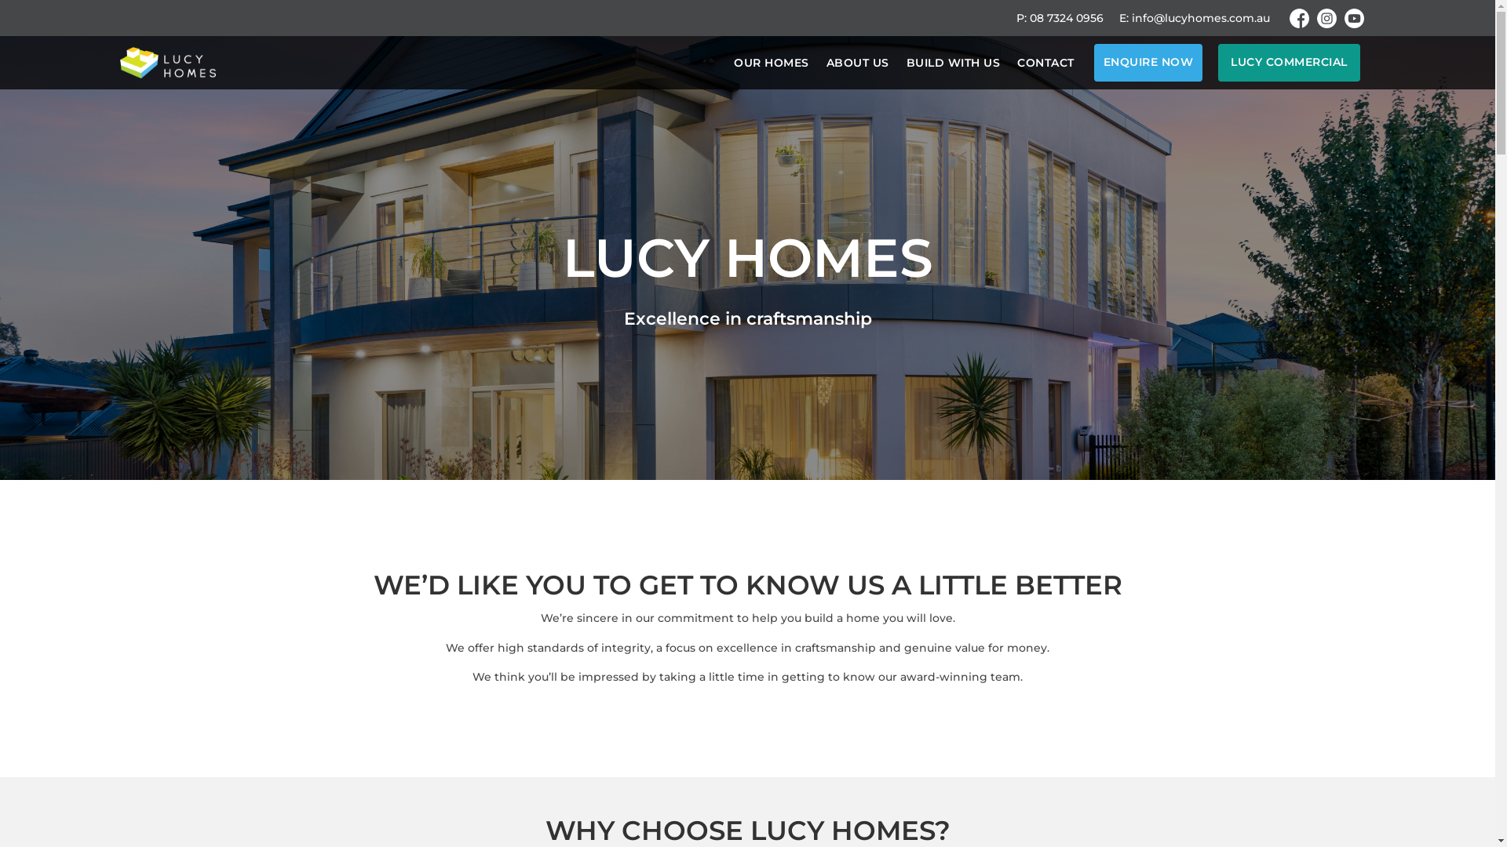 Image resolution: width=1507 pixels, height=847 pixels. Describe the element at coordinates (1066, 18) in the screenshot. I see `'08 7324 0956'` at that location.